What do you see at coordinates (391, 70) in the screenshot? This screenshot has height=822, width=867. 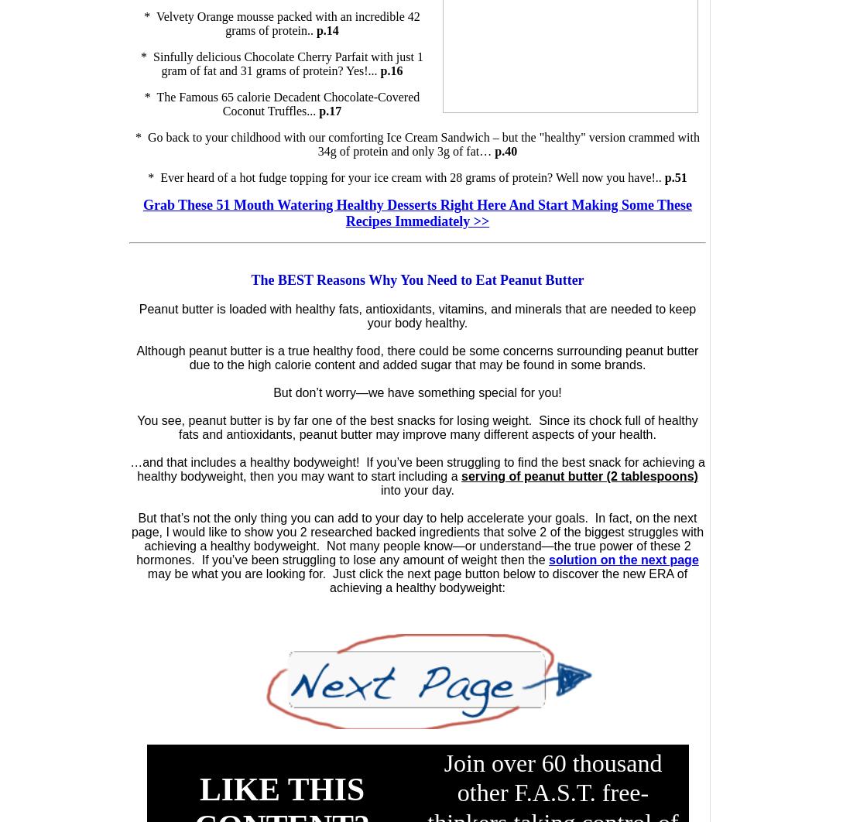 I see `'p.16'` at bounding box center [391, 70].